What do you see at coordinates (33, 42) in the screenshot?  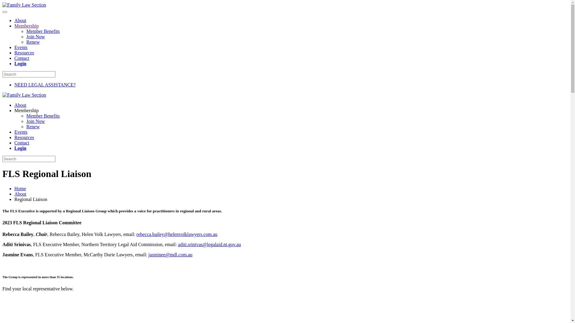 I see `'Renew'` at bounding box center [33, 42].